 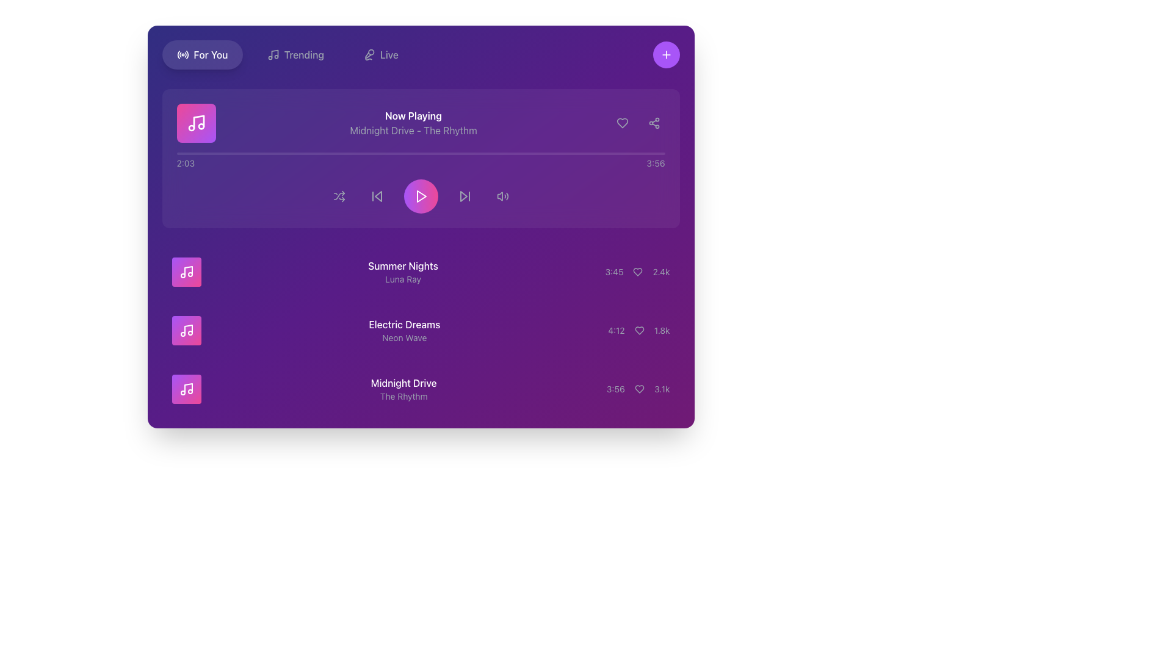 I want to click on the vibrant circular button with a gradient background and a white play icon, so click(x=421, y=195).